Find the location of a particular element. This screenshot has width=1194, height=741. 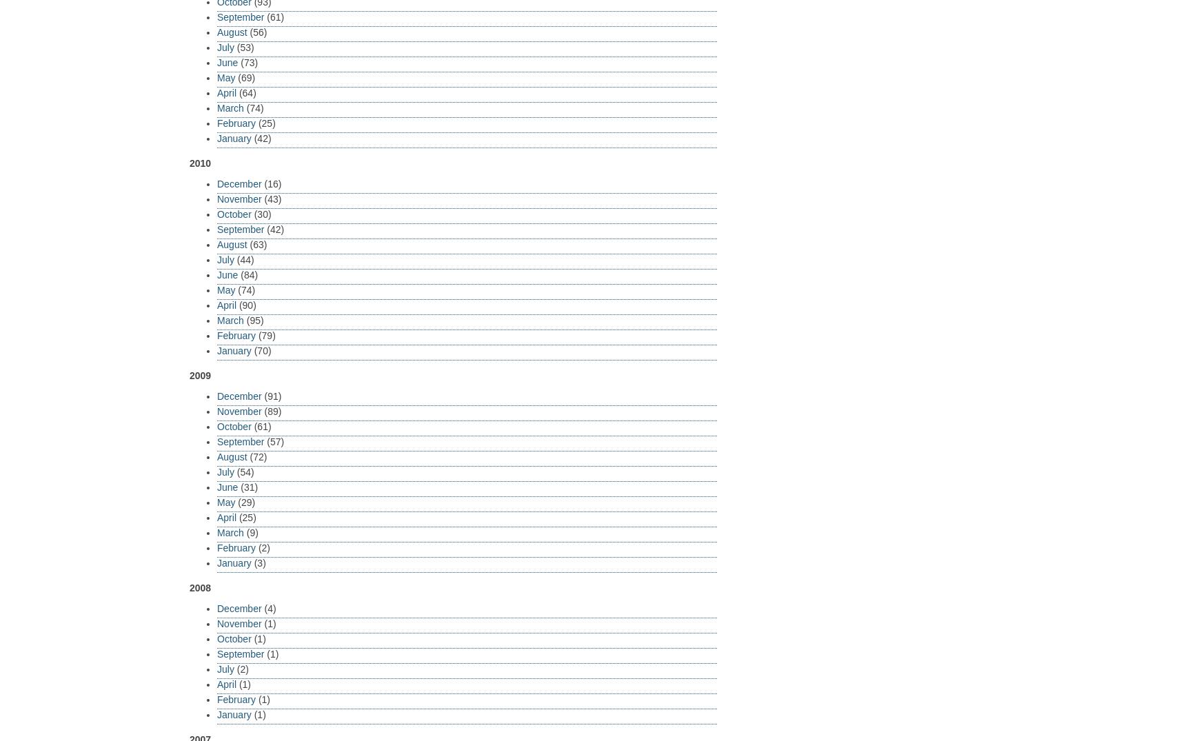

'(57)' is located at coordinates (273, 440).